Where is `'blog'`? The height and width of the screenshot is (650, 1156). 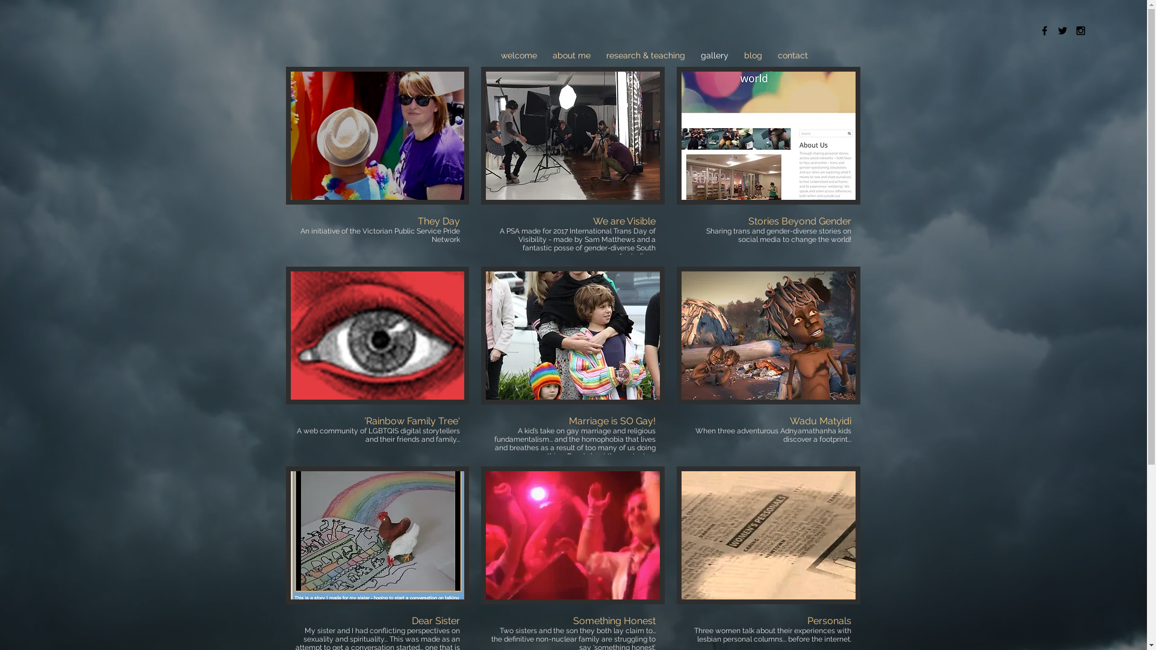
'blog' is located at coordinates (751, 55).